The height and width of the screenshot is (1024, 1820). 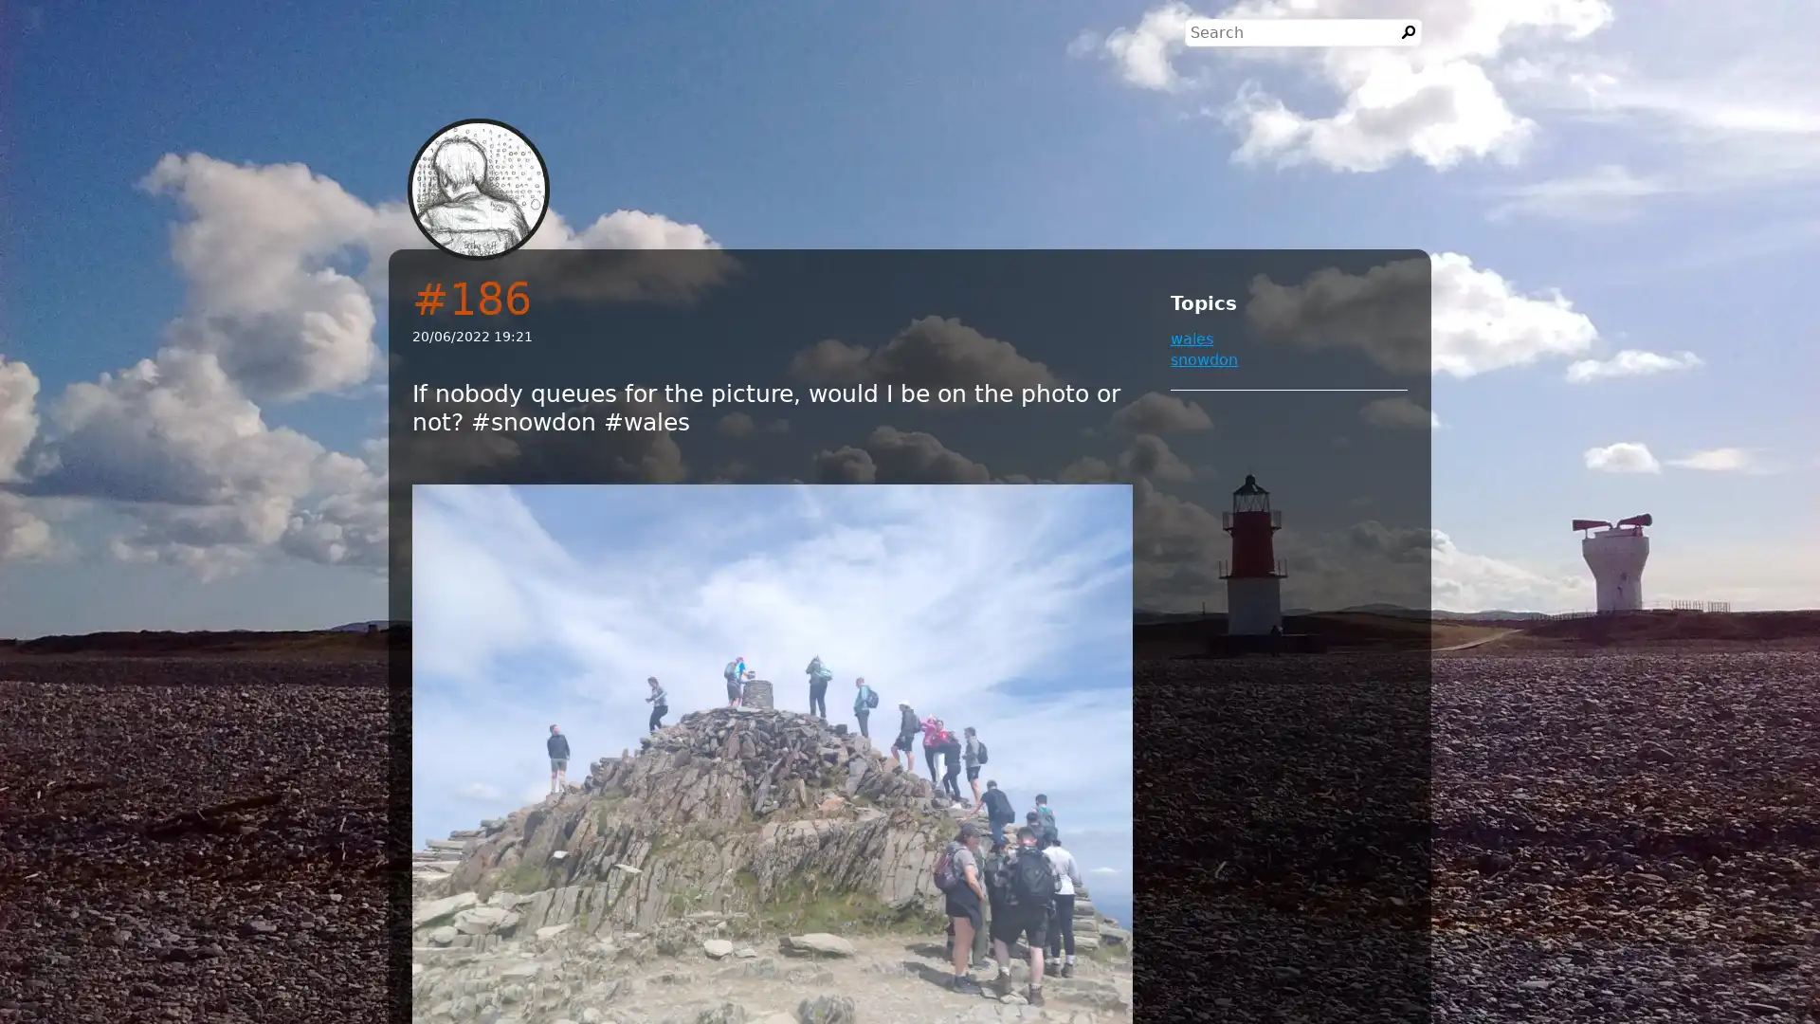 What do you see at coordinates (1409, 32) in the screenshot?
I see `Search` at bounding box center [1409, 32].